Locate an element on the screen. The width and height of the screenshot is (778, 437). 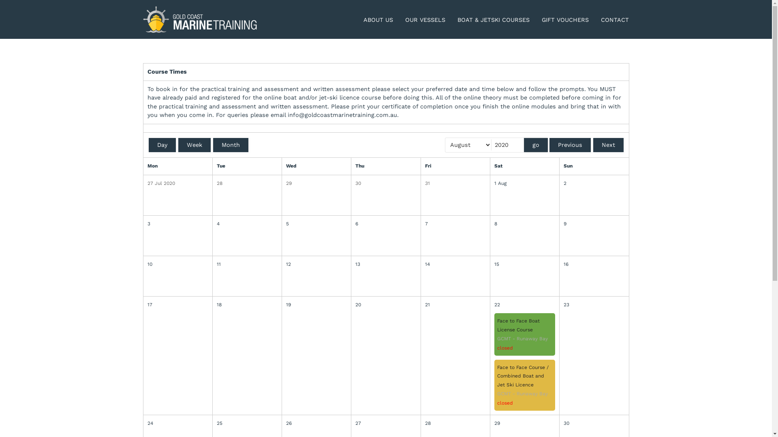
'1 Aug' is located at coordinates (525, 184).